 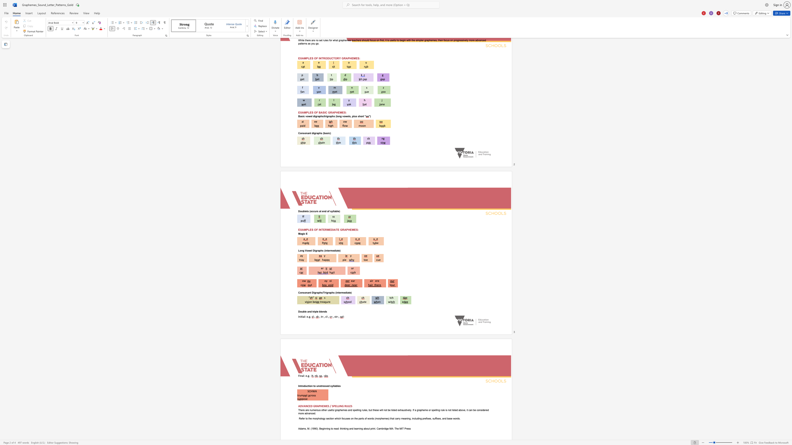 I want to click on the space between the continuous character "r" and "m" in the text, so click(x=331, y=250).